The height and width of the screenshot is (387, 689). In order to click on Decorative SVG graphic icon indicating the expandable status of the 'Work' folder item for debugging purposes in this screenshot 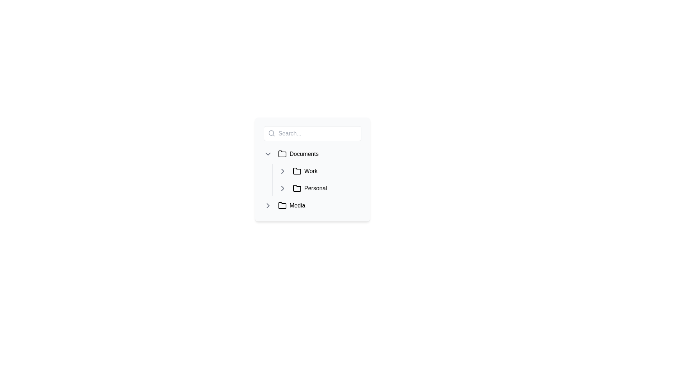, I will do `click(282, 171)`.